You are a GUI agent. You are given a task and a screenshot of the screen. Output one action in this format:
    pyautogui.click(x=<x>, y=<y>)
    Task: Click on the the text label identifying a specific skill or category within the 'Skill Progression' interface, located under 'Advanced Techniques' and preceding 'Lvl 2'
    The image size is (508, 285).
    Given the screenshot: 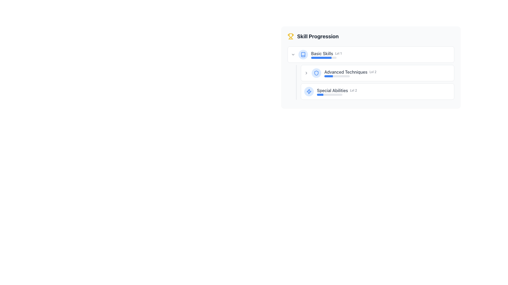 What is the action you would take?
    pyautogui.click(x=332, y=90)
    